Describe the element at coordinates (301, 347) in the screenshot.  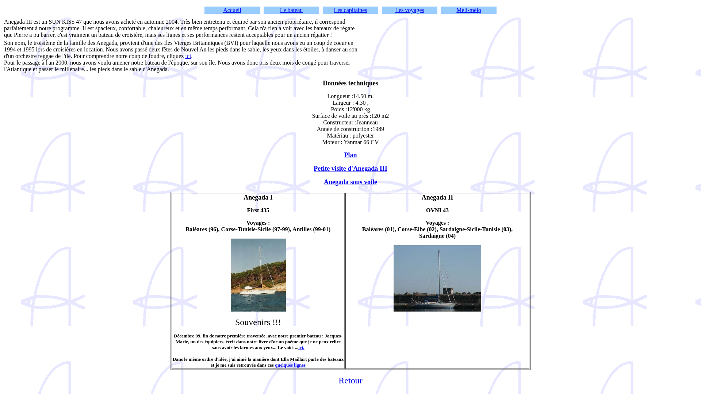
I see `'ici.'` at that location.